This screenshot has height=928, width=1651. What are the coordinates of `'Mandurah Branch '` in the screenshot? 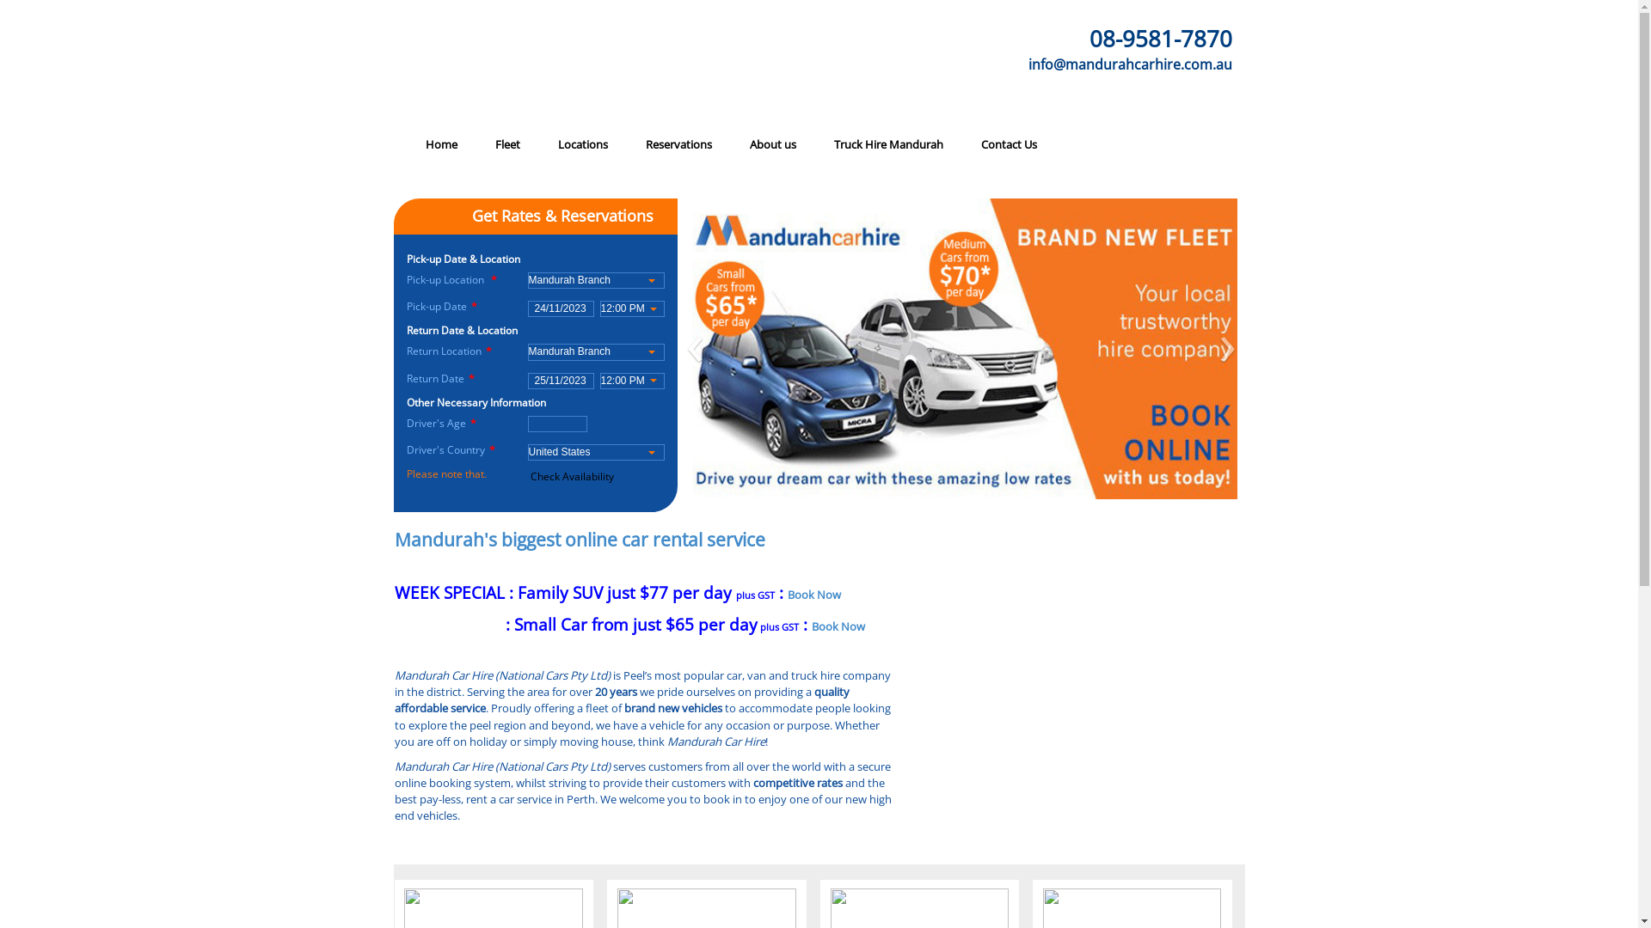 It's located at (595, 351).